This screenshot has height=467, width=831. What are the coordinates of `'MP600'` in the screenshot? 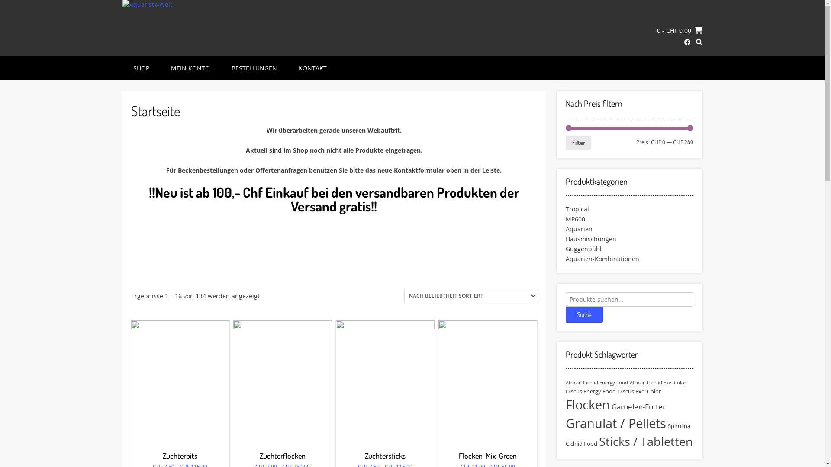 It's located at (575, 218).